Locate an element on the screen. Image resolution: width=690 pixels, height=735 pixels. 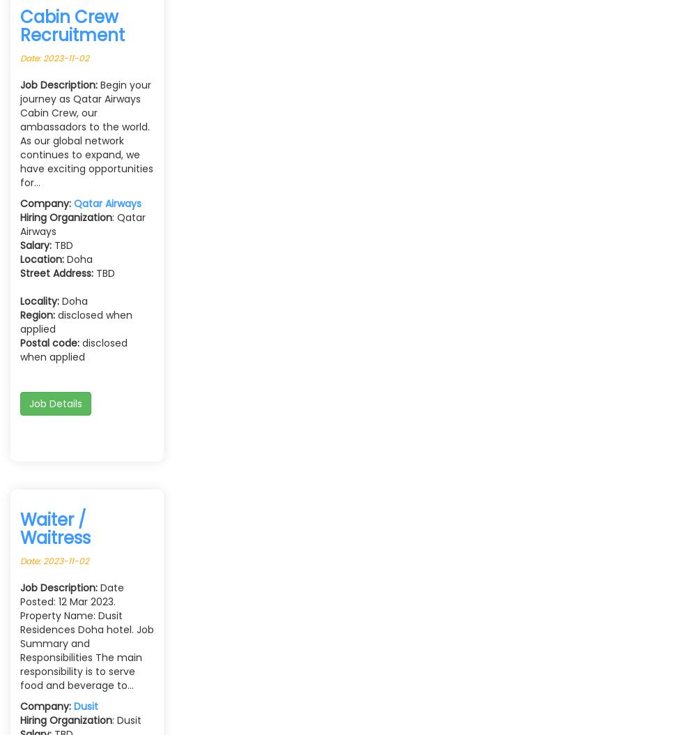
'Qatar Airways' is located at coordinates (73, 202).